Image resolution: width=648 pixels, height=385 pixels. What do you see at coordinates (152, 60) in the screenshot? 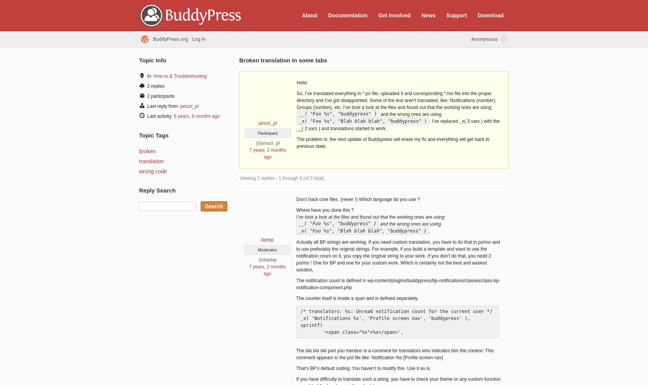
I see `'Topic Info'` at bounding box center [152, 60].